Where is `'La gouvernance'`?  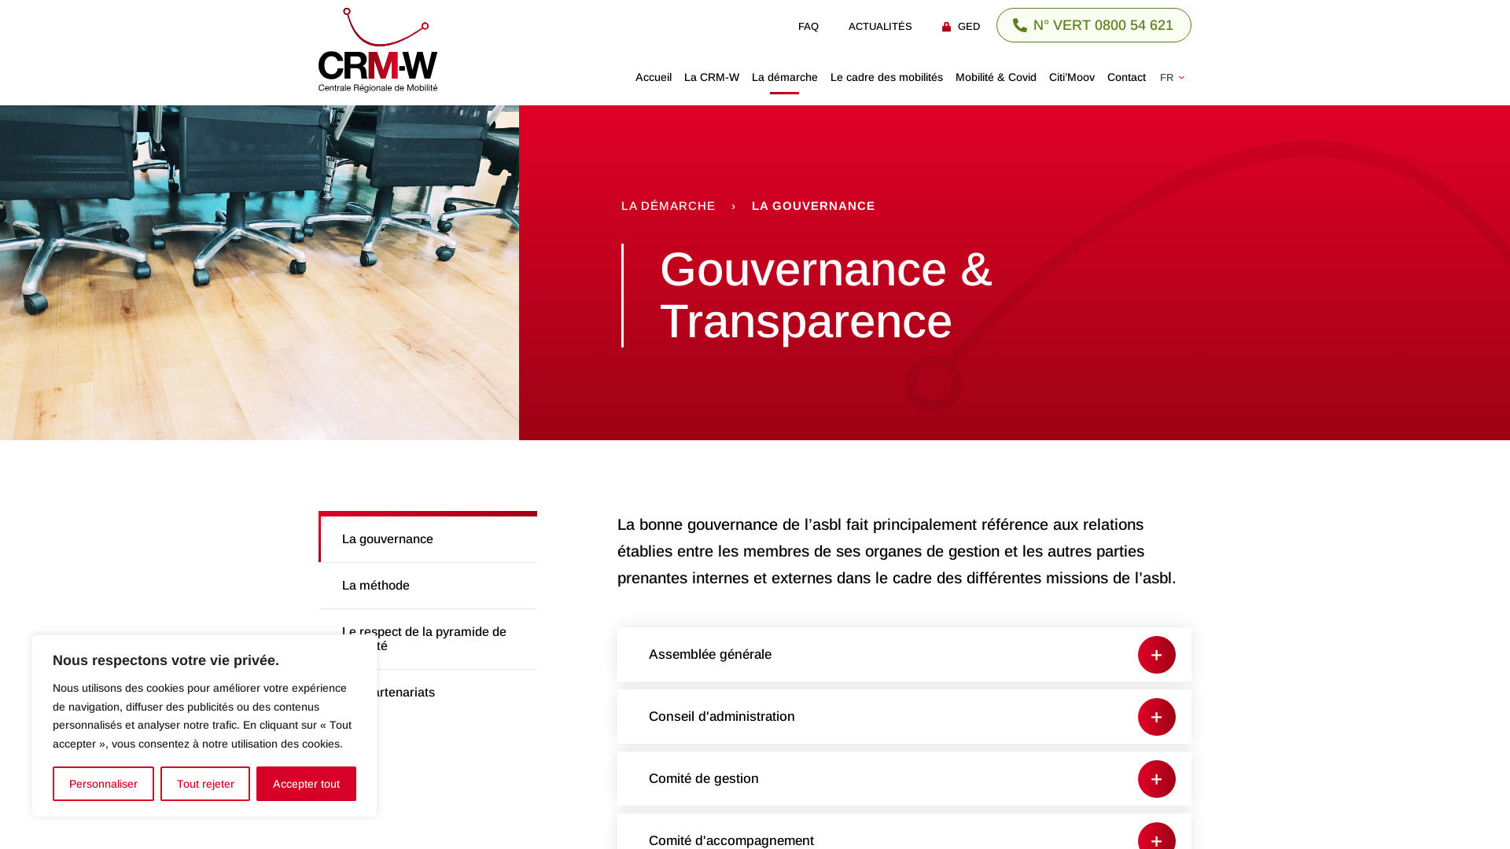 'La gouvernance' is located at coordinates (427, 538).